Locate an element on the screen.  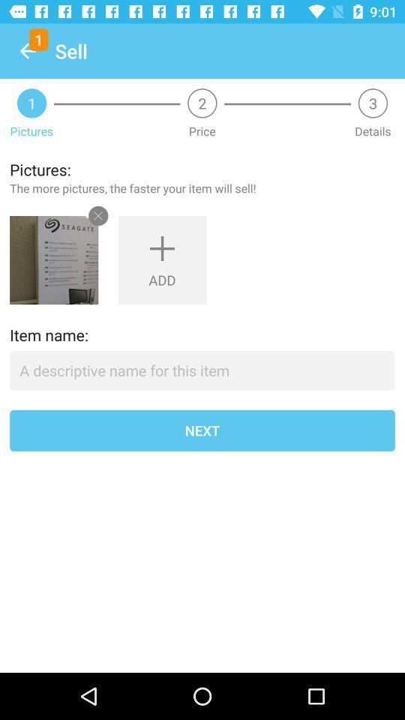
the icon below the the more pictures is located at coordinates (53, 260).